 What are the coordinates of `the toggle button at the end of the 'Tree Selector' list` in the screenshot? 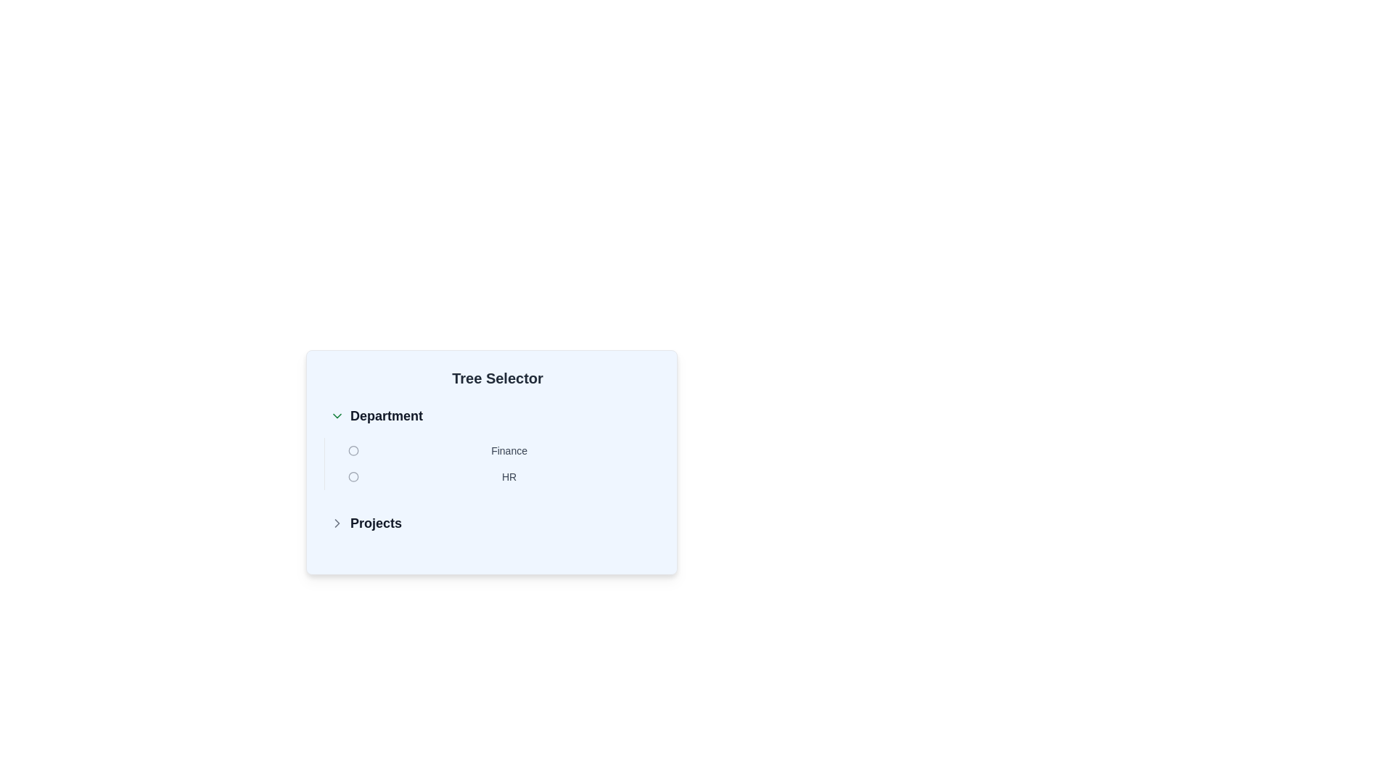 It's located at (491, 523).